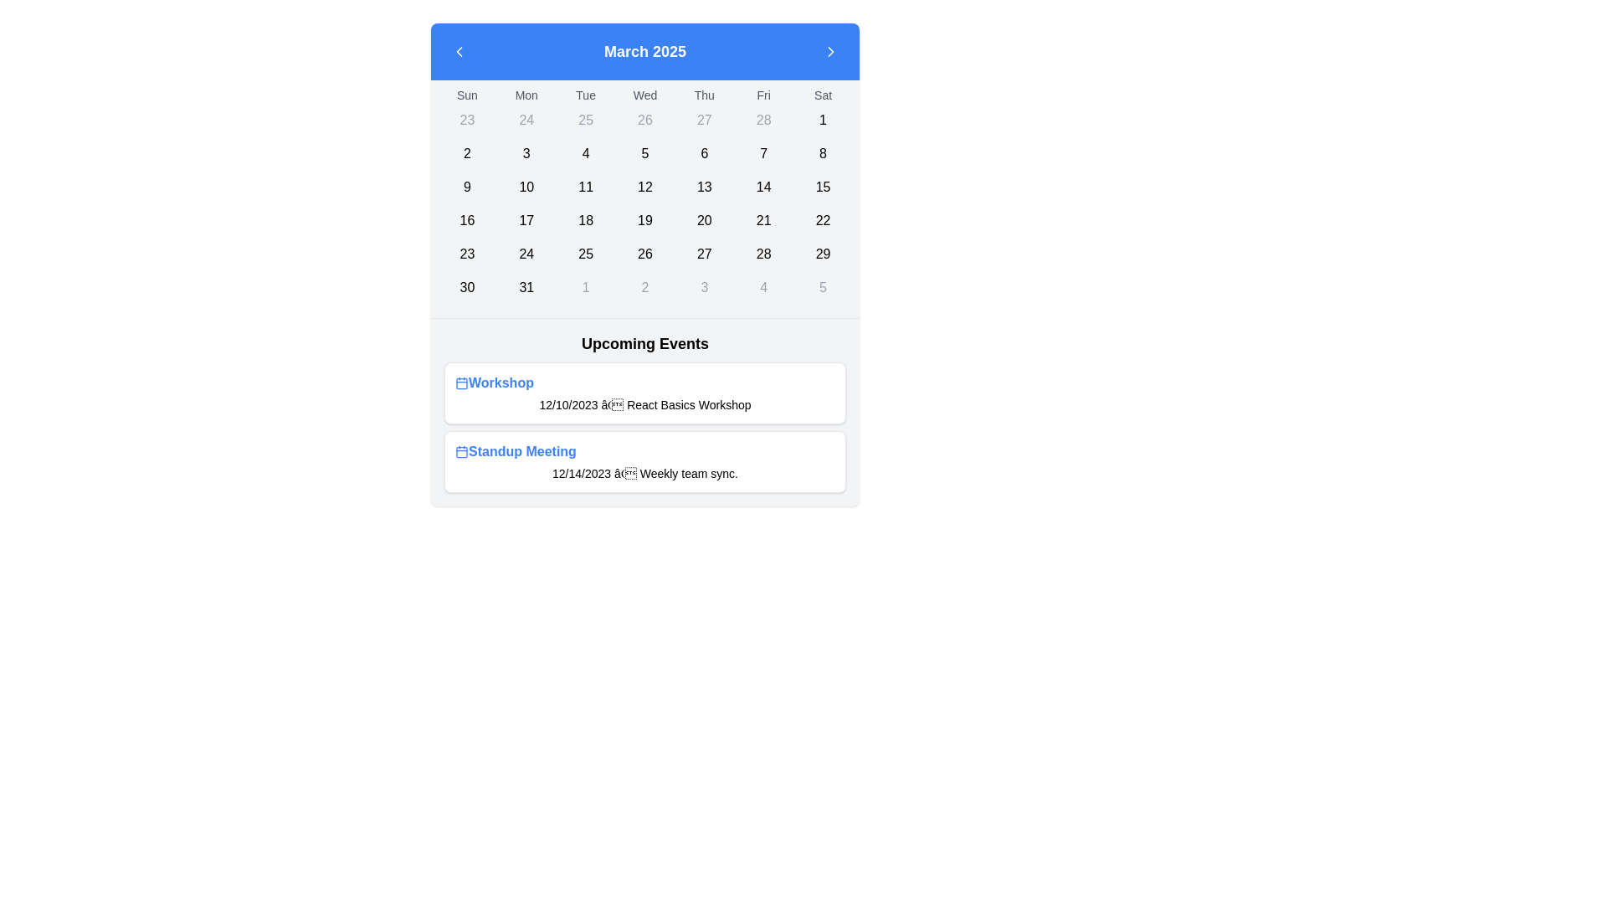  I want to click on the left navigation icon located in the top-left corner of the calendar header, so click(459, 50).